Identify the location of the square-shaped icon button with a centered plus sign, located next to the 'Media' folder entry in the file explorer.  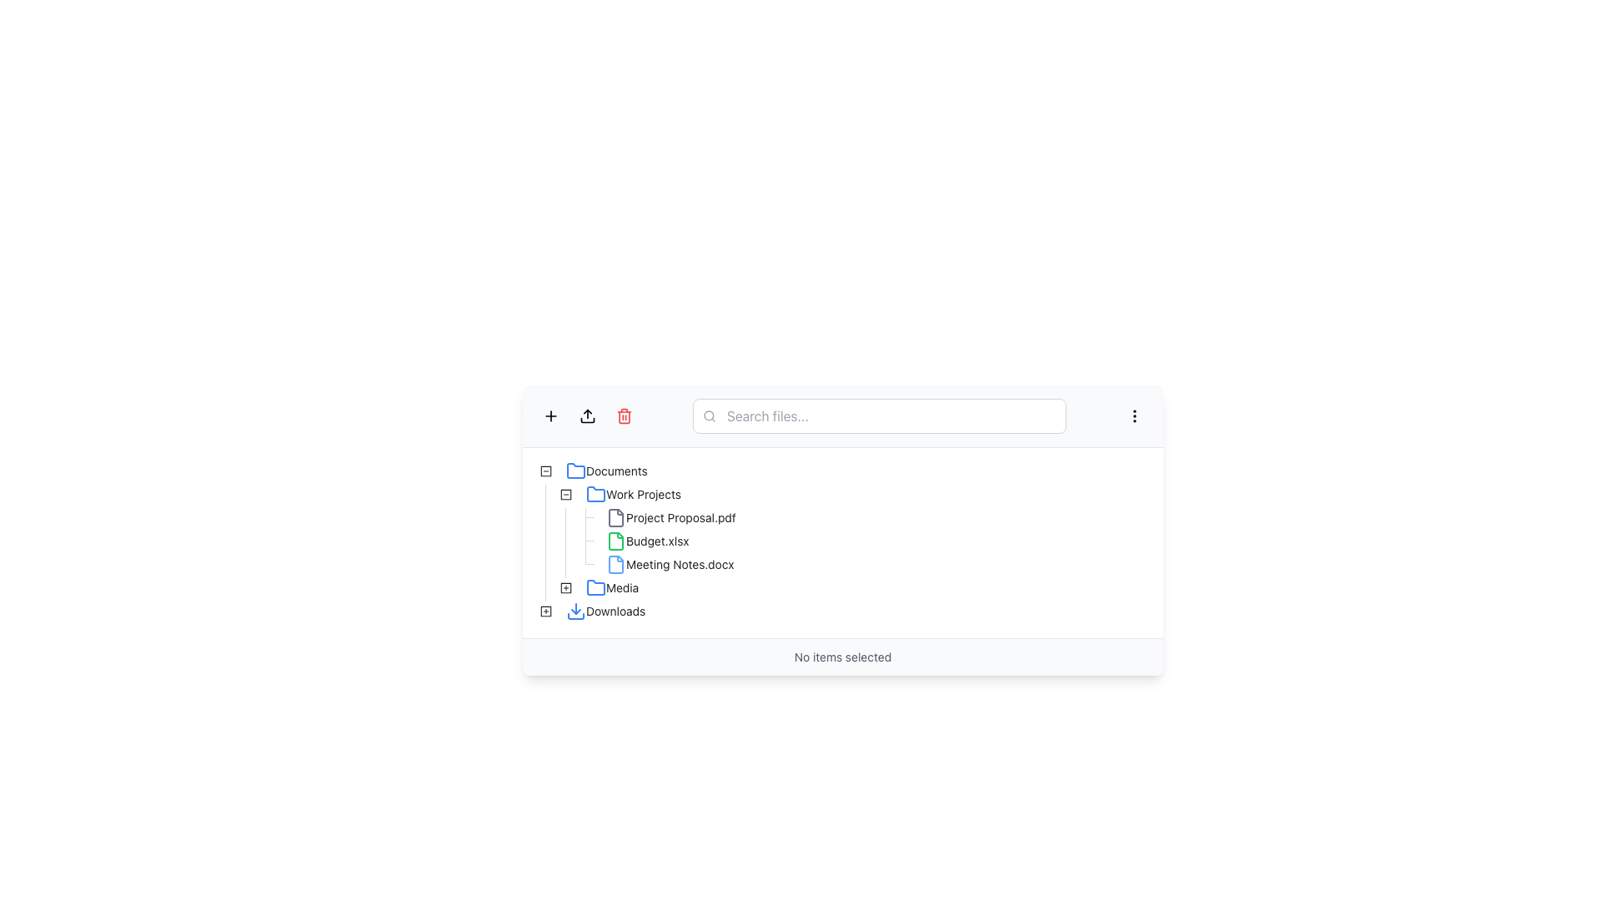
(565, 587).